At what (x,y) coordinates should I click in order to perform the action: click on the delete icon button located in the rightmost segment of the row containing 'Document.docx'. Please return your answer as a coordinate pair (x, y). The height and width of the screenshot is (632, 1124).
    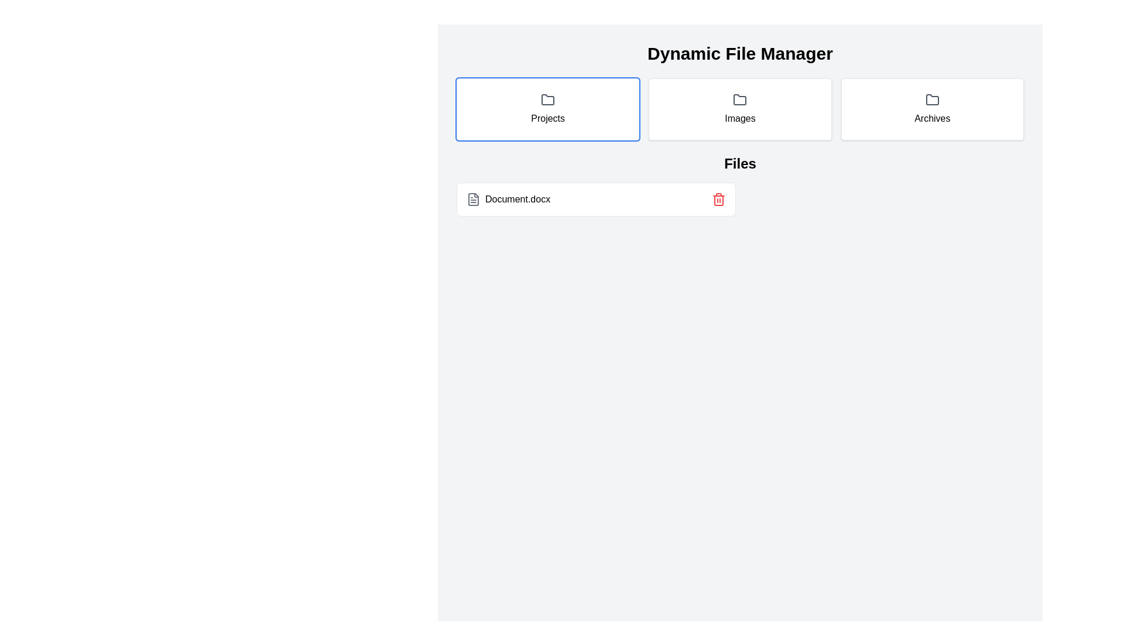
    Looking at the image, I should click on (718, 198).